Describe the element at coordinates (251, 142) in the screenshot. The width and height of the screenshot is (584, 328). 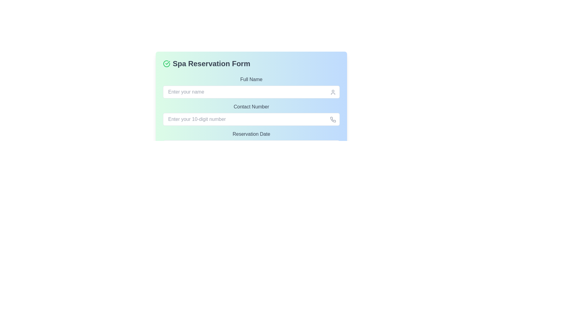
I see `the 'Reservation Date' label, which is styled in bold gray text and located beneath the 'Contact Number' field in the 'Spa Reservation Form'` at that location.